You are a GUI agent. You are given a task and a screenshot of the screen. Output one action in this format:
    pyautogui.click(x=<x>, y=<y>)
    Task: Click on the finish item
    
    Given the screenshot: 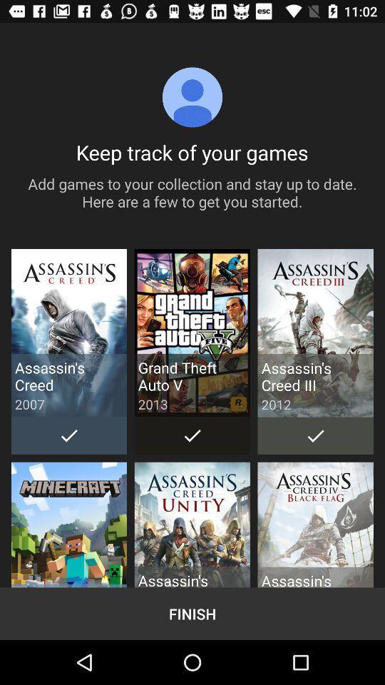 What is the action you would take?
    pyautogui.click(x=192, y=613)
    